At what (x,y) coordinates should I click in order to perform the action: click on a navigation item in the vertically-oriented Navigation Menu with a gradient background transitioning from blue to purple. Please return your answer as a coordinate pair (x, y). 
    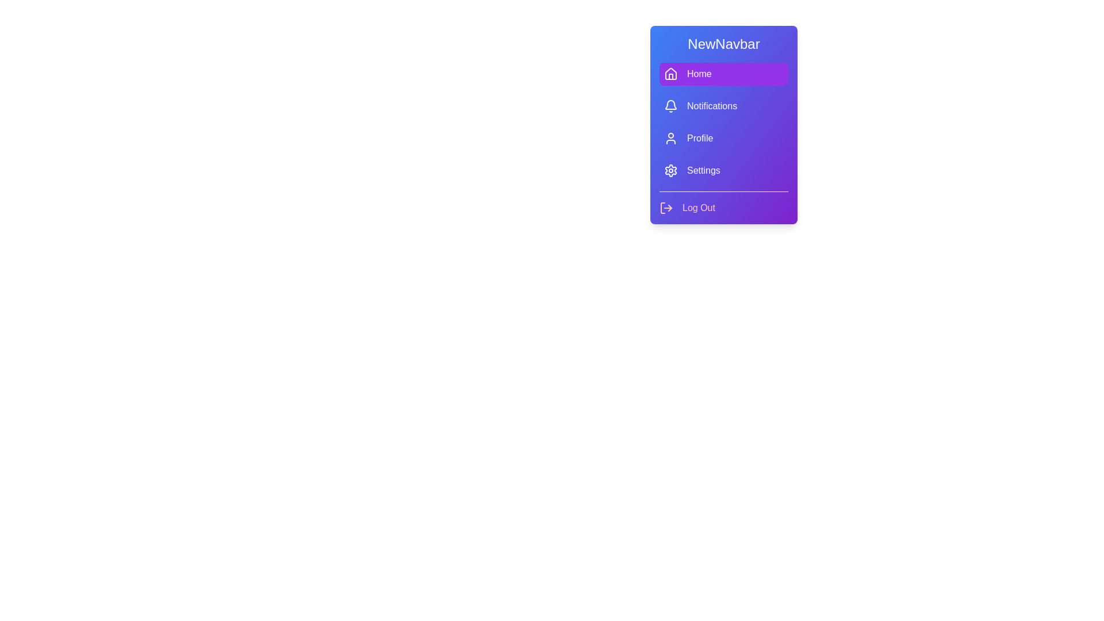
    Looking at the image, I should click on (723, 125).